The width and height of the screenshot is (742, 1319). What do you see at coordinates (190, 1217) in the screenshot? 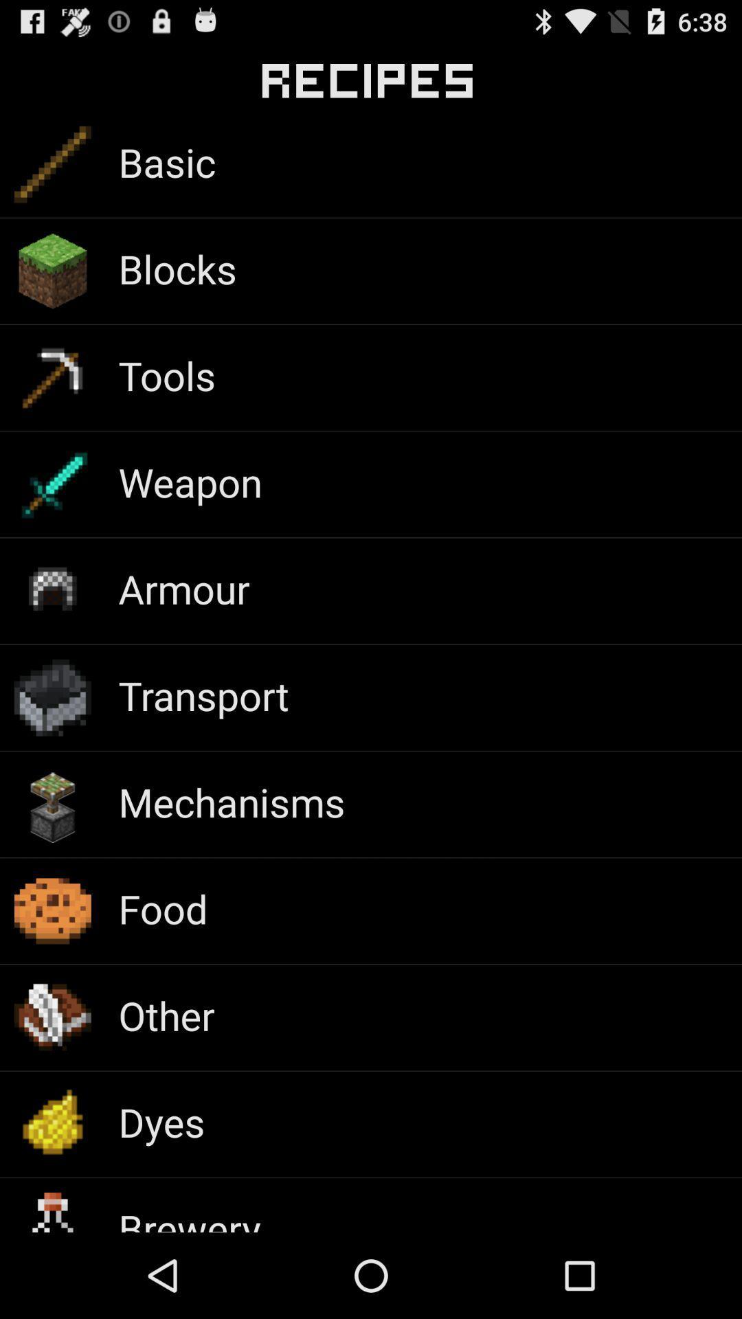
I see `brewery` at bounding box center [190, 1217].